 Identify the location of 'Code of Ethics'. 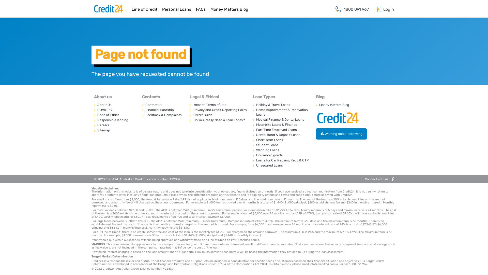
(115, 115).